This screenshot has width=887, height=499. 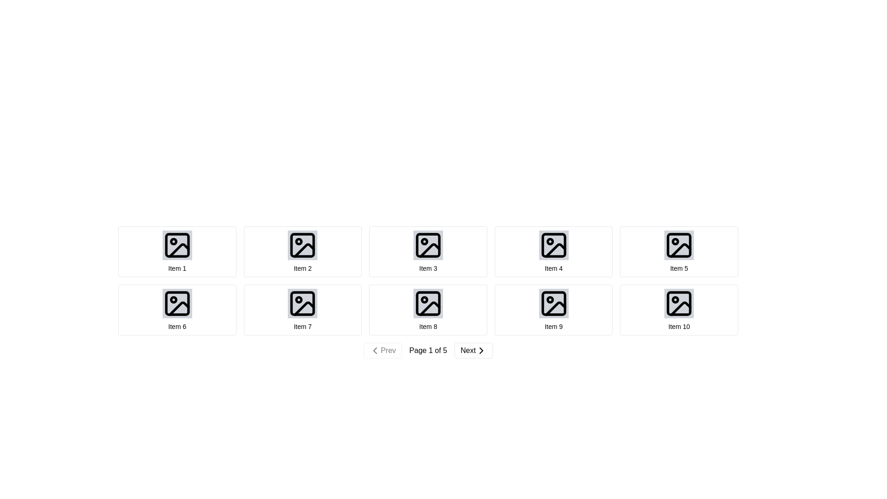 What do you see at coordinates (553, 245) in the screenshot?
I see `graphic icon with a square shape and rounded corners located in the fourth position of the top row in the grid layout, labeled 'Item 4'` at bounding box center [553, 245].